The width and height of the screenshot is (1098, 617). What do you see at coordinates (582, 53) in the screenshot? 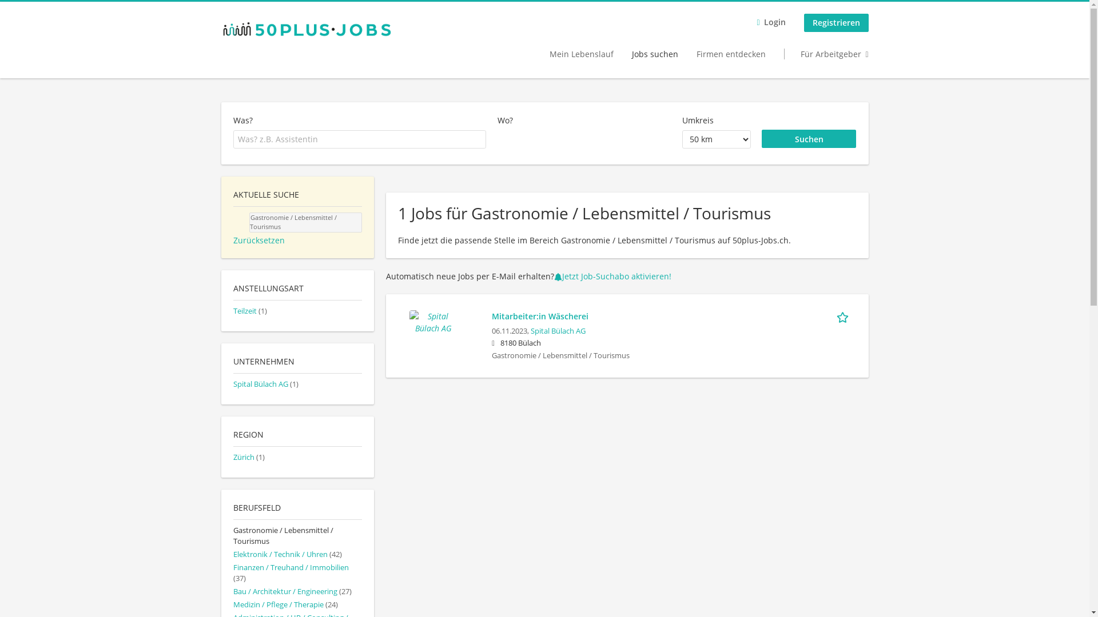
I see `'Mein Lebenslauf'` at bounding box center [582, 53].